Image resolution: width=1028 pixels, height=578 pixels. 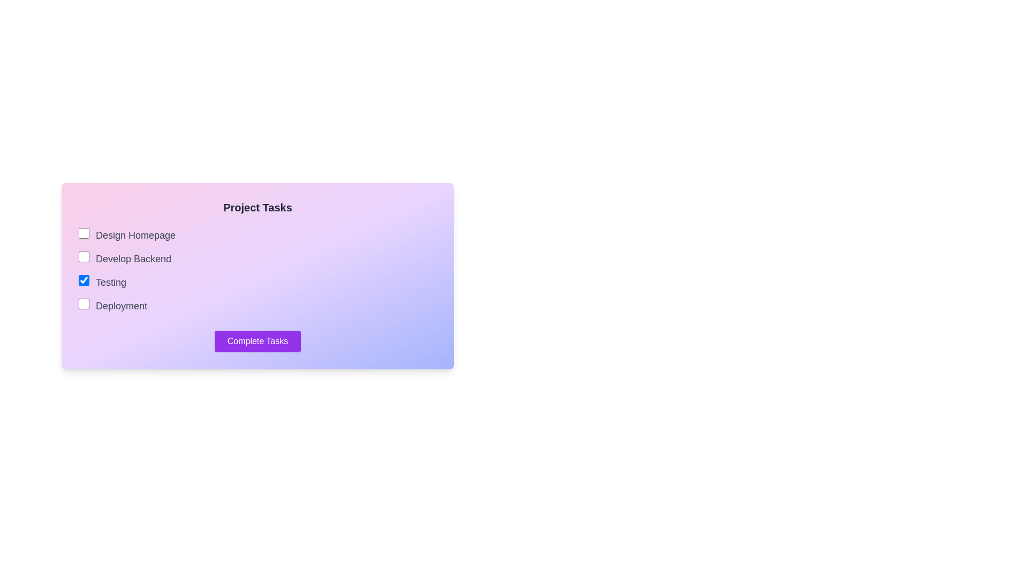 What do you see at coordinates (258, 341) in the screenshot?
I see `the 'Complete Tasks' button to submit the checklist` at bounding box center [258, 341].